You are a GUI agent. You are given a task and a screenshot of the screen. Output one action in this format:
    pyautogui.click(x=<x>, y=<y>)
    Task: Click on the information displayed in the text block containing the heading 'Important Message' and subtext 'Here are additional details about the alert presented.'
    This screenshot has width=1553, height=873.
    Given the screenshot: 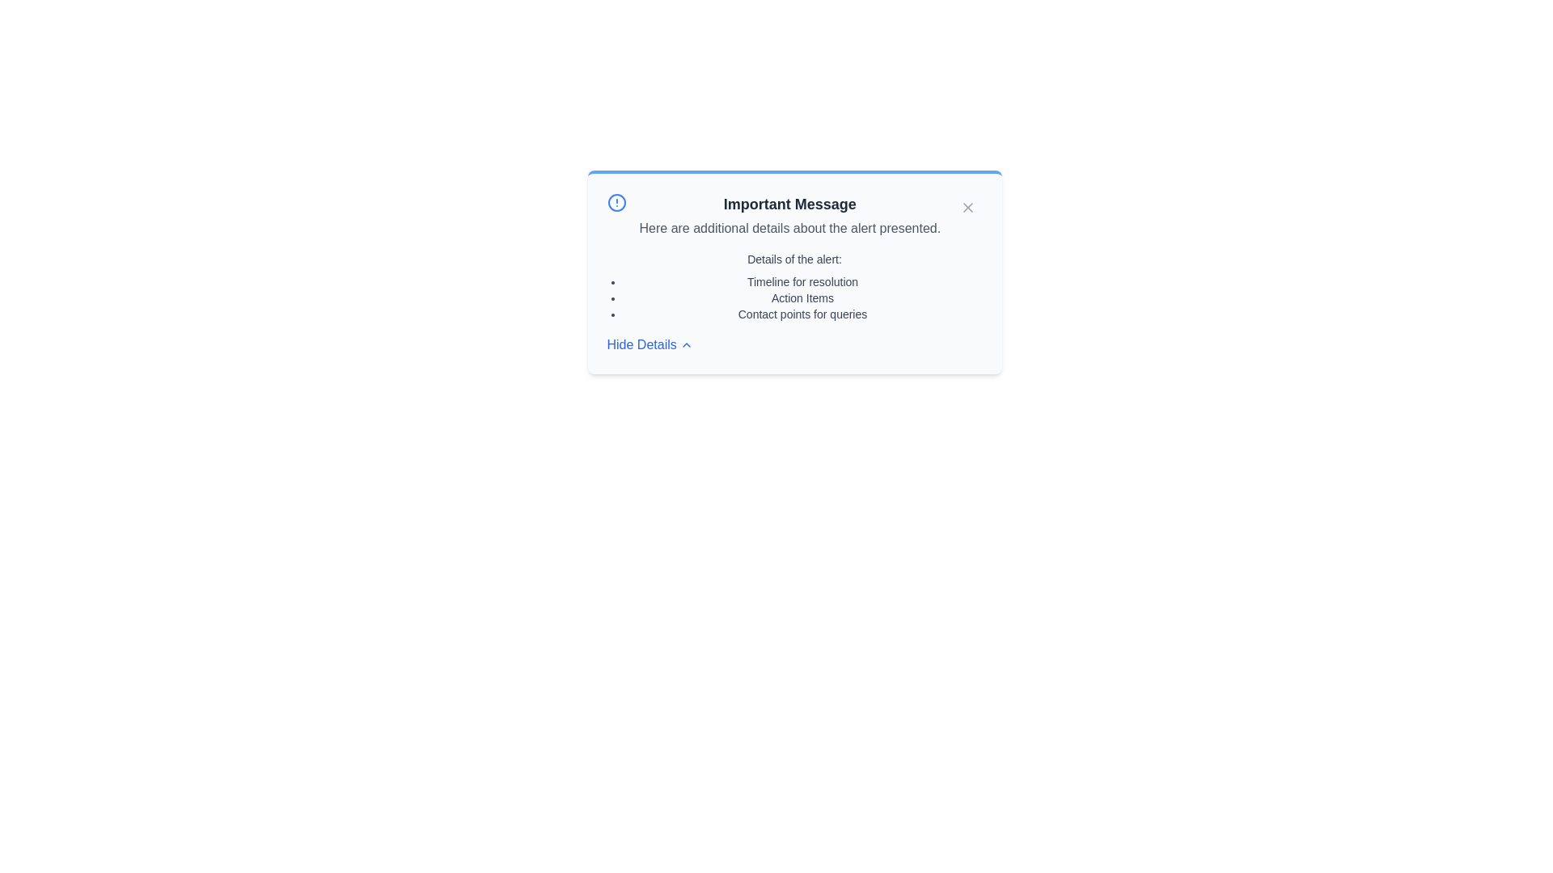 What is the action you would take?
    pyautogui.click(x=789, y=214)
    